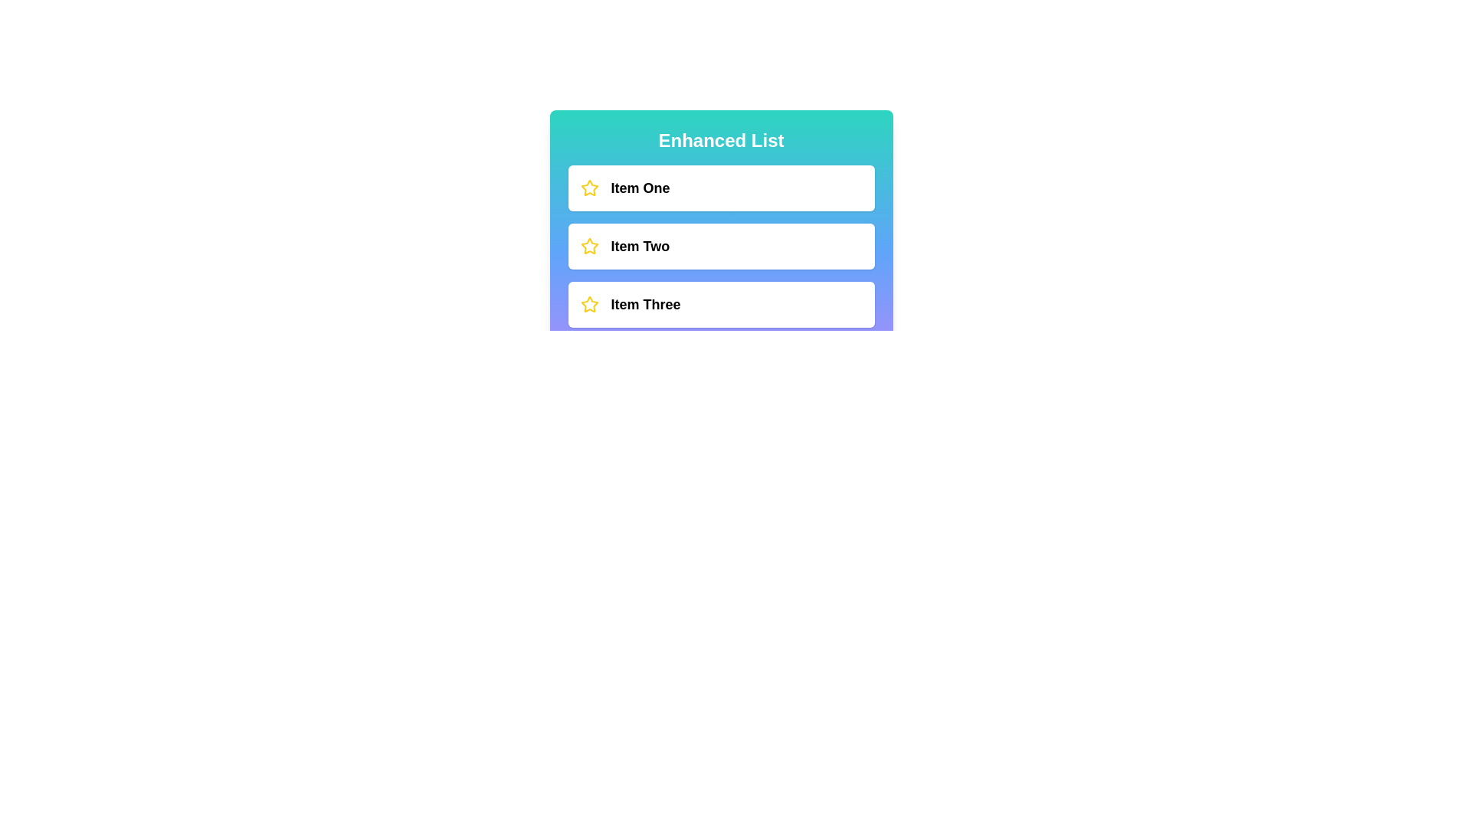  What do you see at coordinates (720, 304) in the screenshot?
I see `the item Item Three to select it` at bounding box center [720, 304].